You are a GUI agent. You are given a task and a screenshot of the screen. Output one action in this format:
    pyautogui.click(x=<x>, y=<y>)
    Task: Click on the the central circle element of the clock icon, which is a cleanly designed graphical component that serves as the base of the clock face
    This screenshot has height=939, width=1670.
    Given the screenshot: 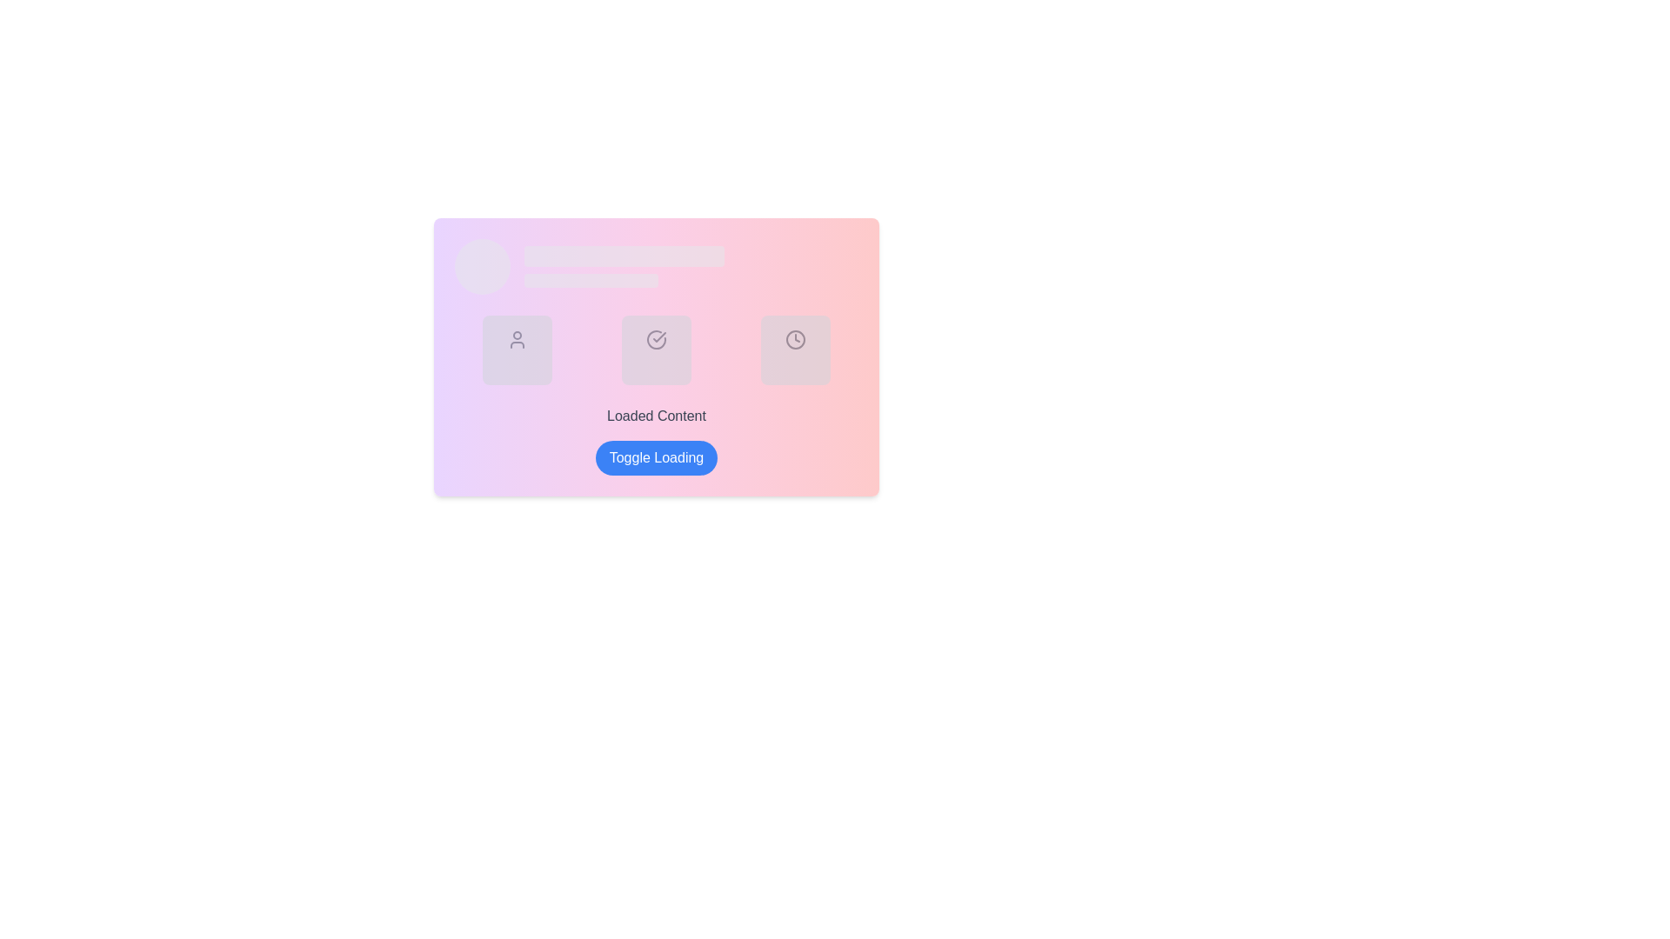 What is the action you would take?
    pyautogui.click(x=795, y=339)
    